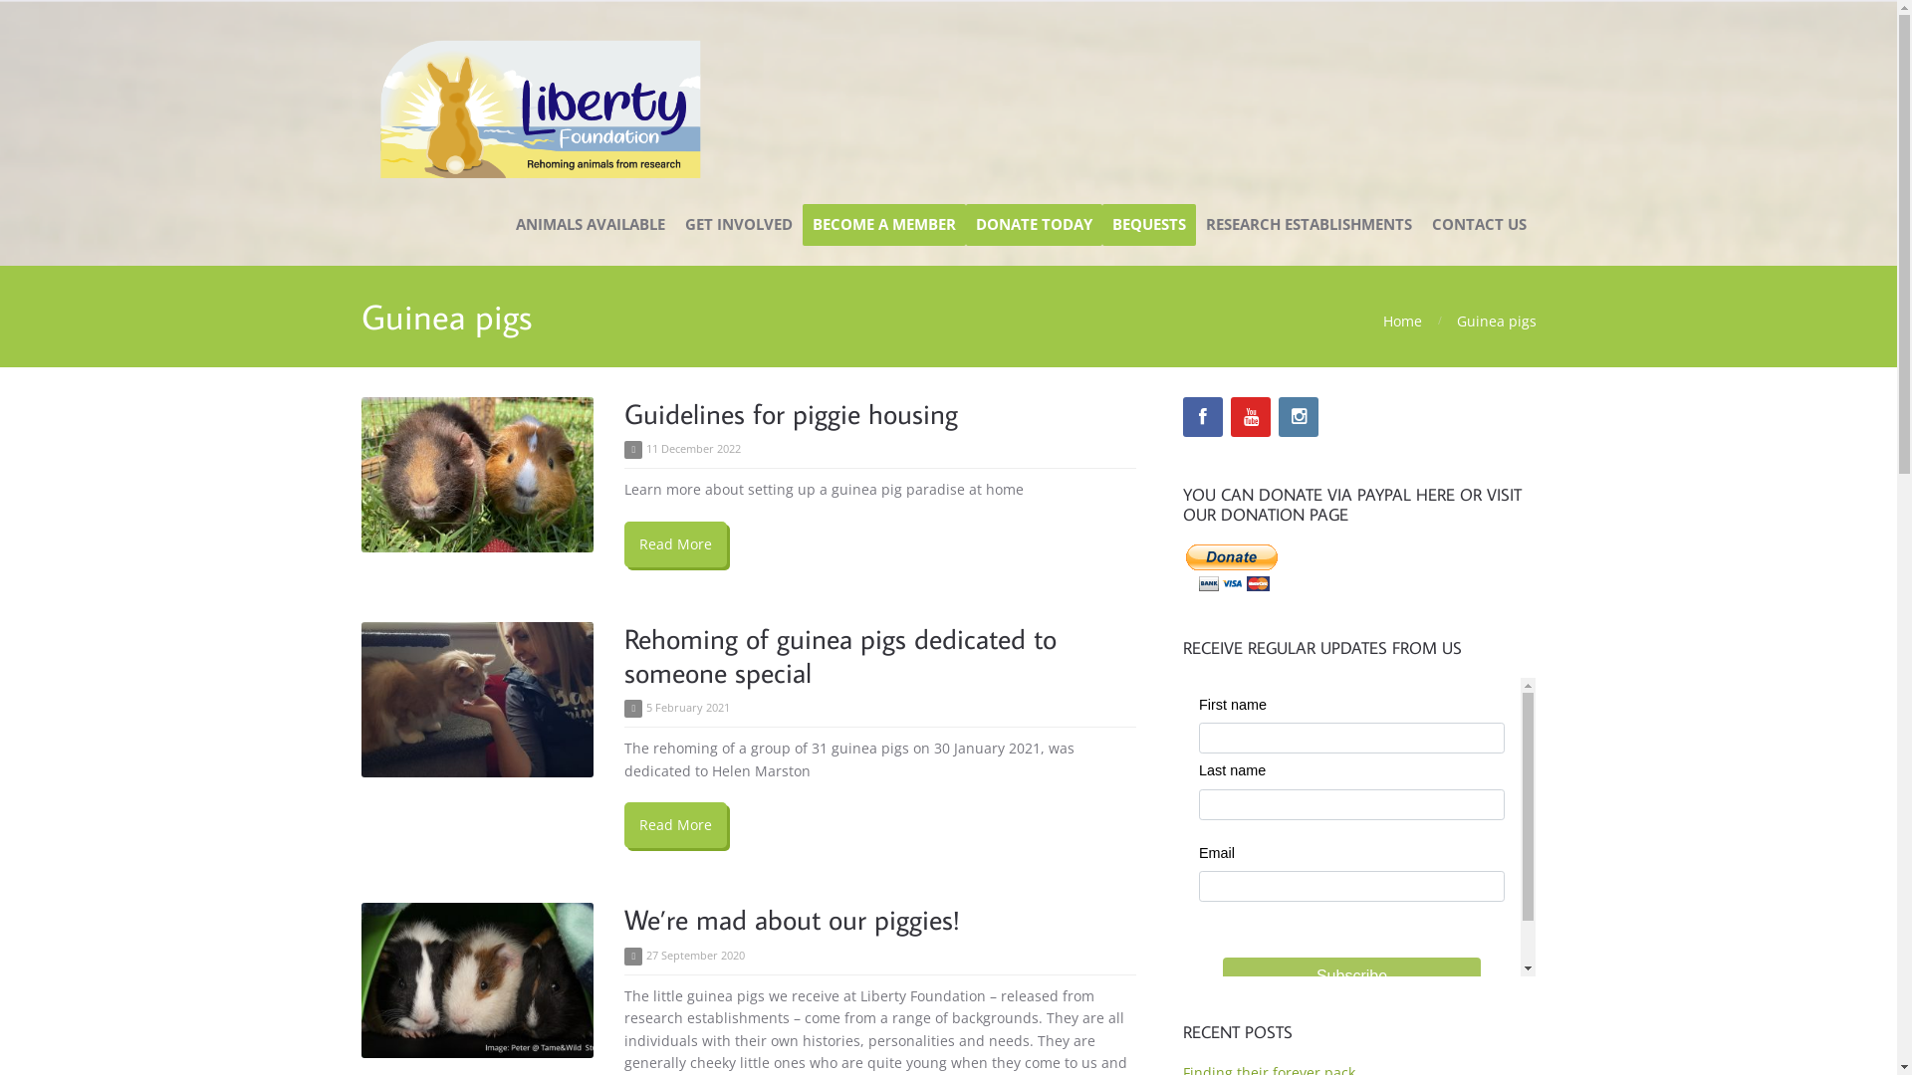 The height and width of the screenshot is (1075, 1912). I want to click on 'PayPal - The safer, easier way to pay online!', so click(1231, 567).